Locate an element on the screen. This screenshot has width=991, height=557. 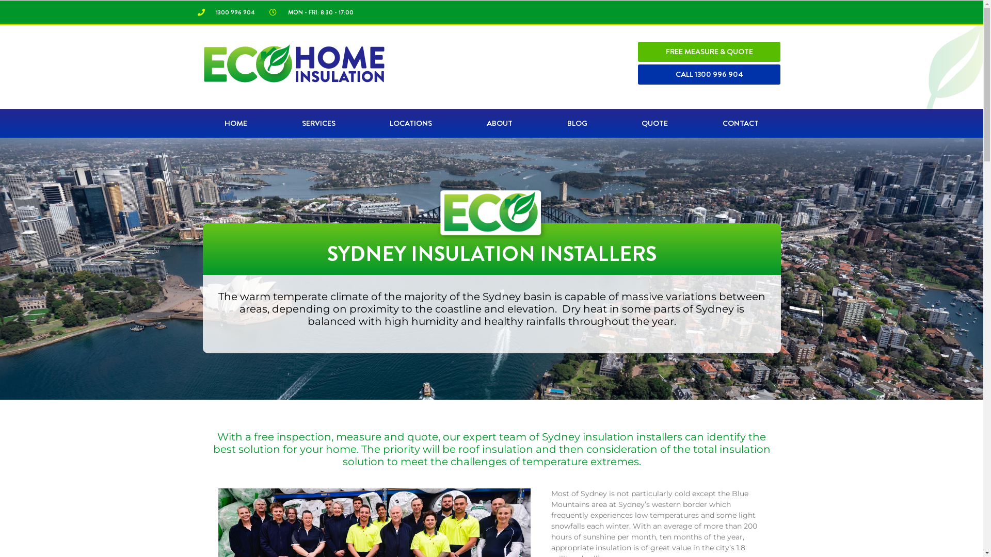
'SERVICES' is located at coordinates (318, 123).